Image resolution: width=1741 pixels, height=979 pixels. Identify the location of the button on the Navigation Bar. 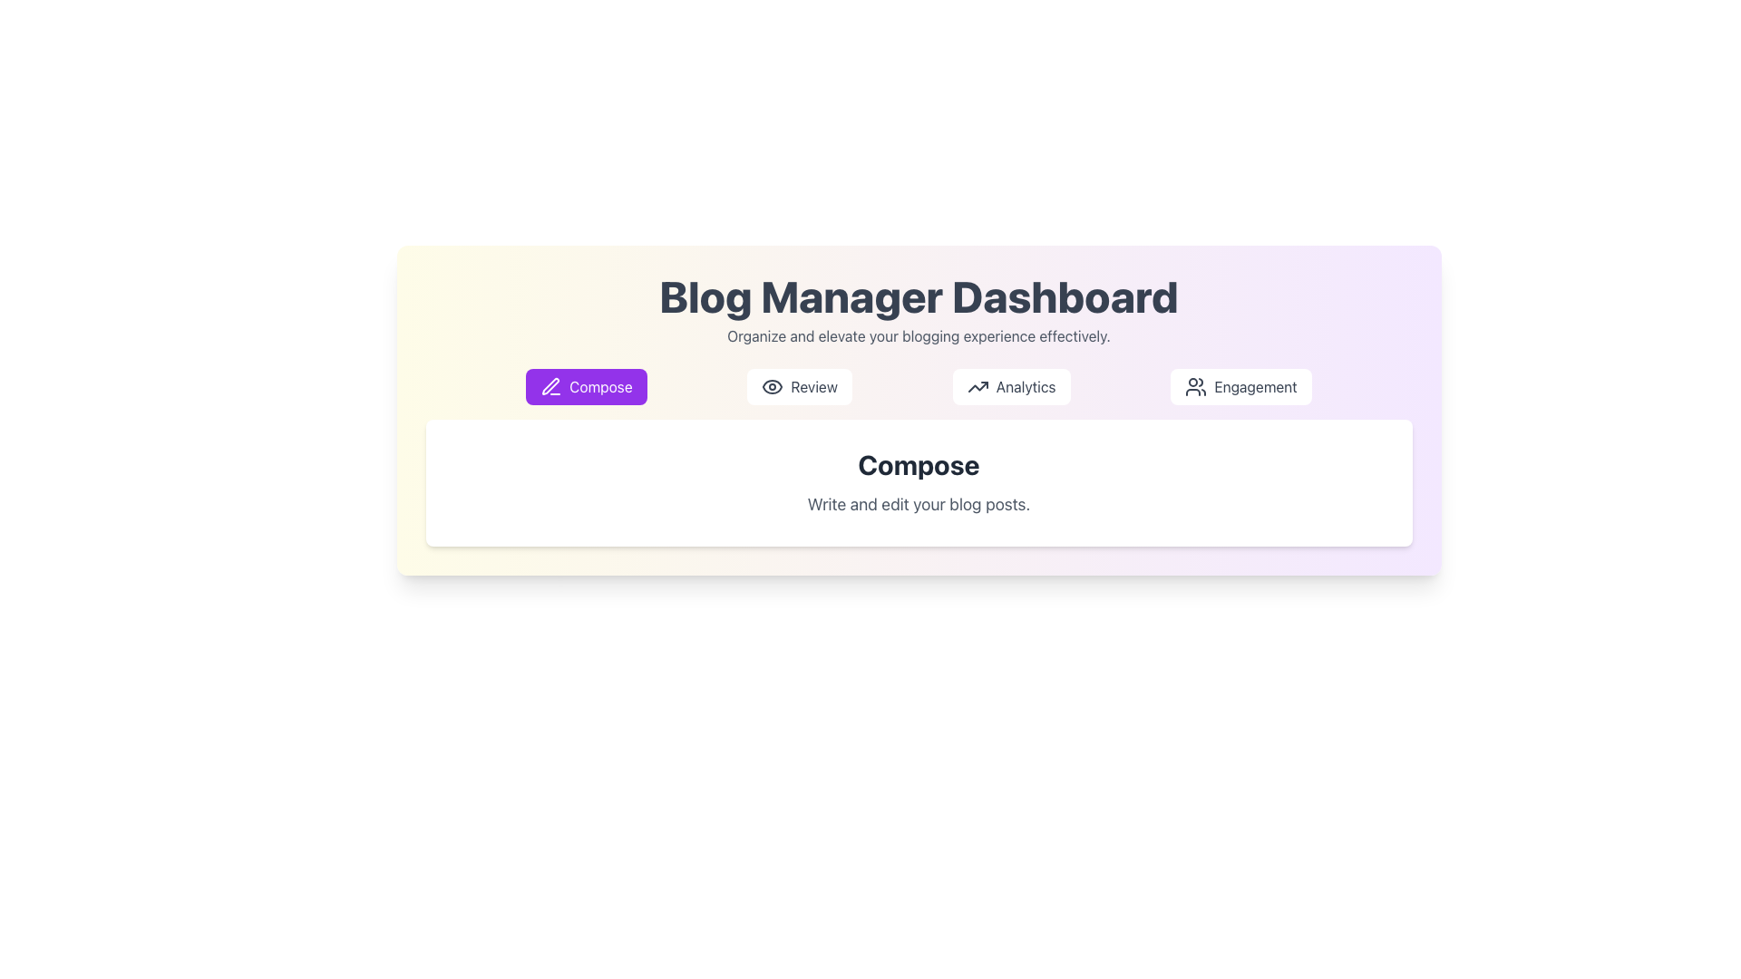
(919, 386).